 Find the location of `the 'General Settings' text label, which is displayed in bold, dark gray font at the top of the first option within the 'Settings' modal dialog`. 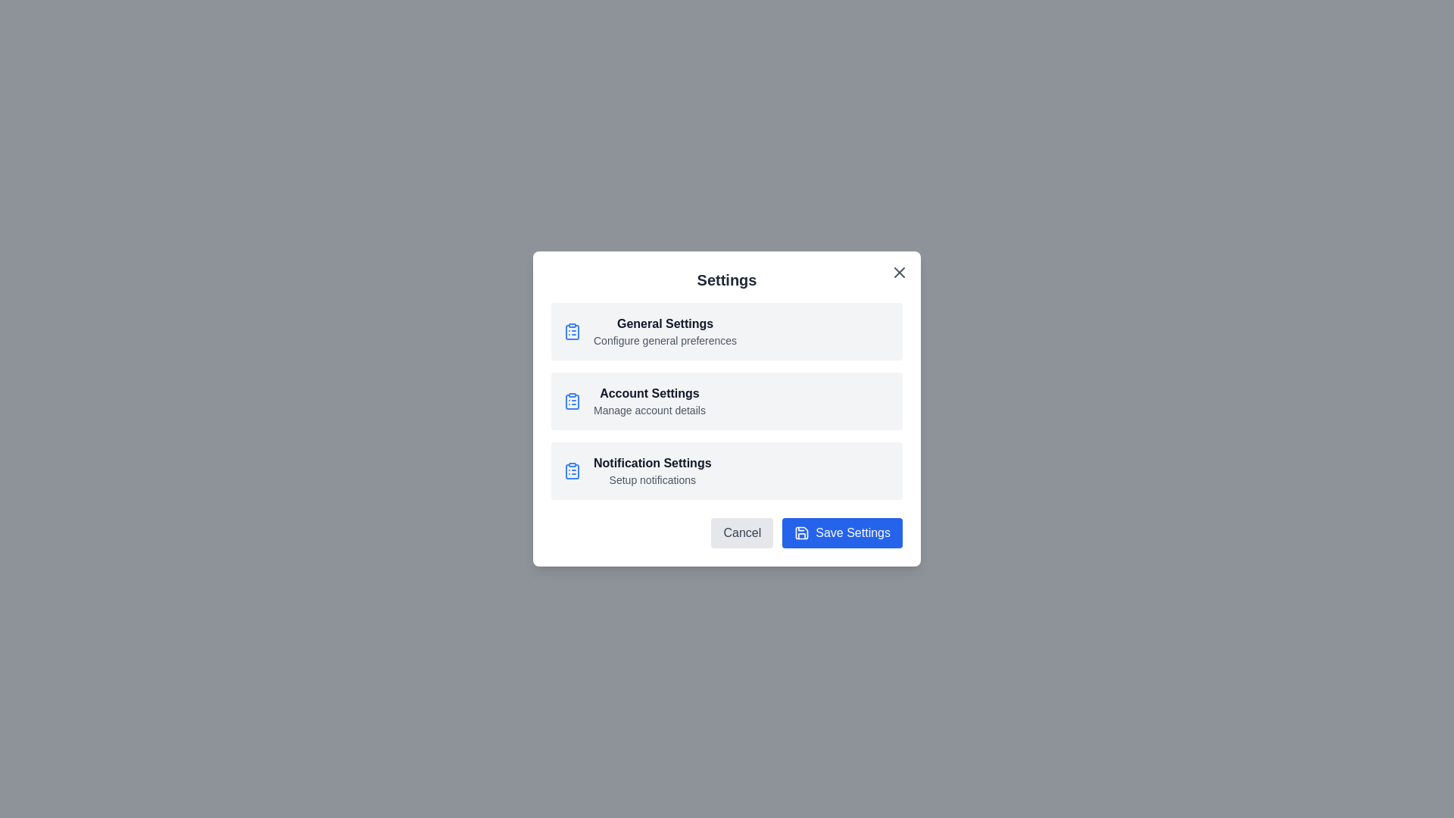

the 'General Settings' text label, which is displayed in bold, dark gray font at the top of the first option within the 'Settings' modal dialog is located at coordinates (665, 323).